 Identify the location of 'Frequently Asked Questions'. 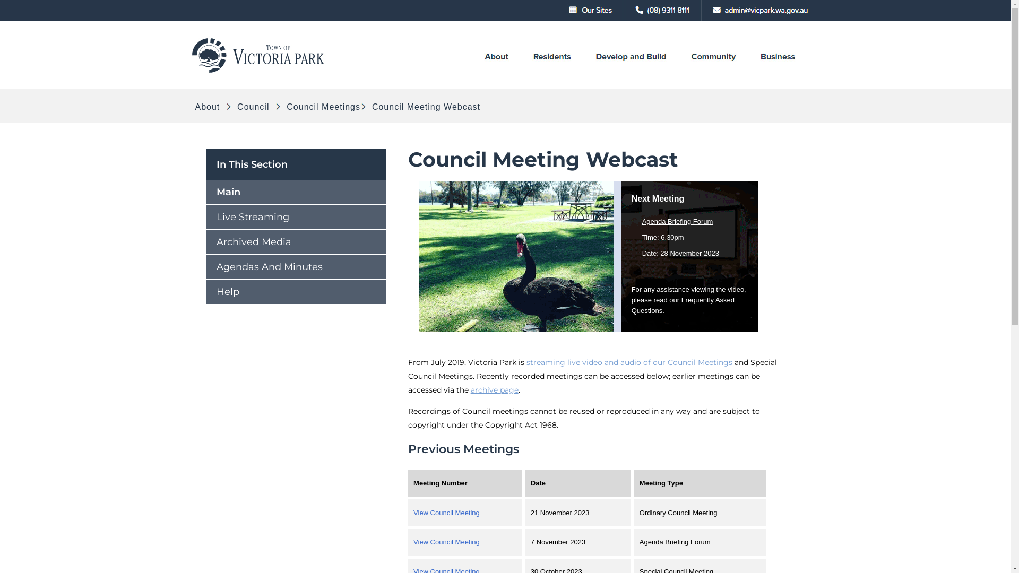
(632, 305).